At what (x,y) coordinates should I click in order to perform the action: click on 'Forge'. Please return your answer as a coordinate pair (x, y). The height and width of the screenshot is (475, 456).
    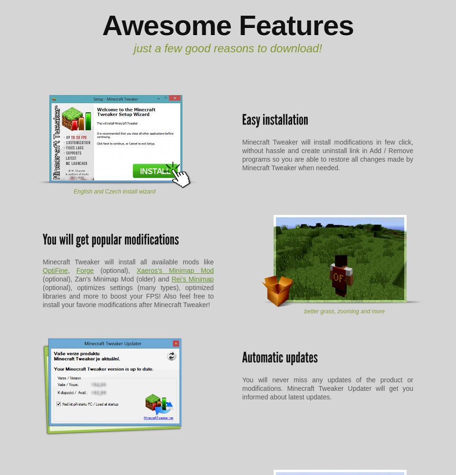
    Looking at the image, I should click on (84, 271).